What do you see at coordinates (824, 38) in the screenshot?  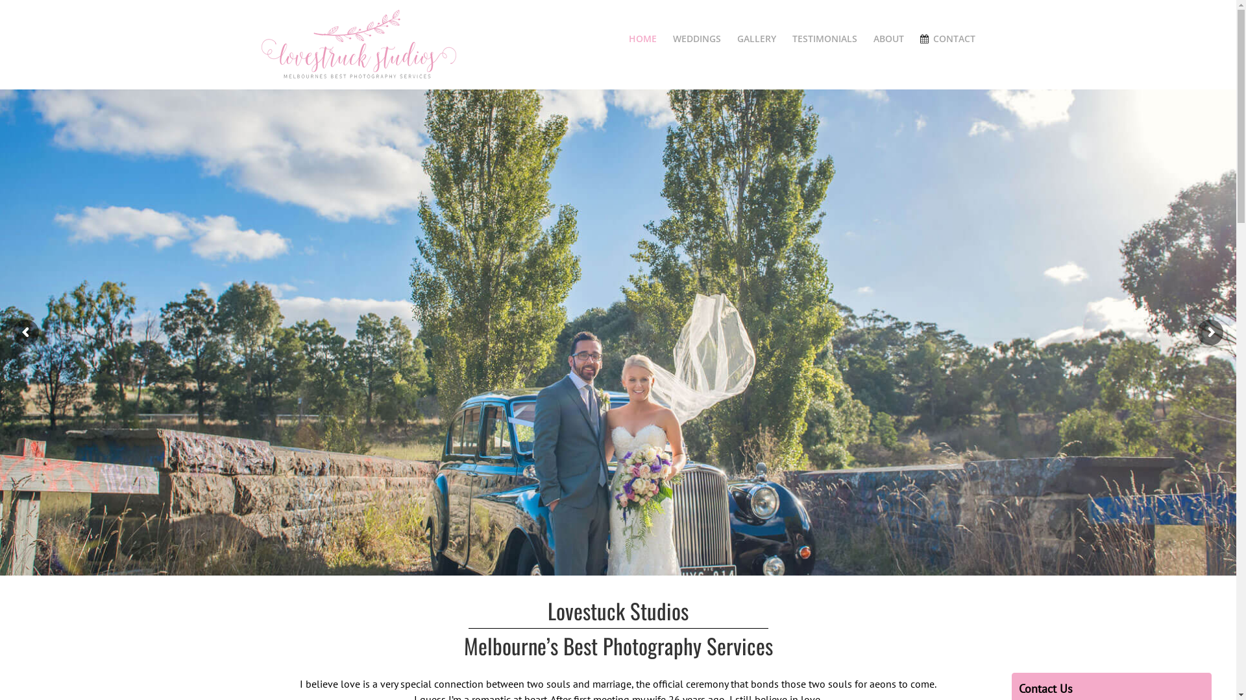 I see `'TESTIMONIALS'` at bounding box center [824, 38].